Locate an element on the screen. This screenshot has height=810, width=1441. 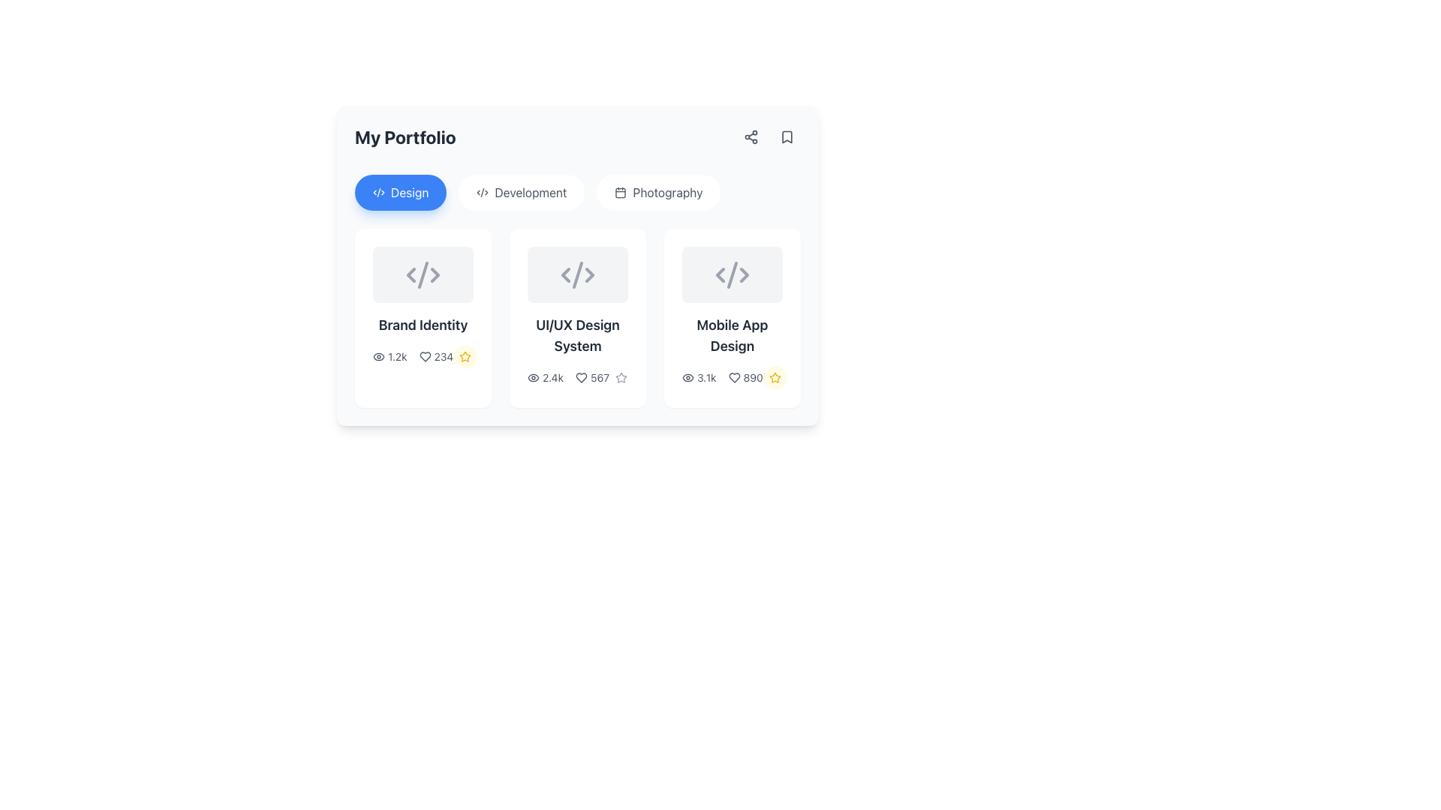
on the interactive button with an embedded yellow star icon located at the bottom right corner of the 'Mobile App Design' card is located at coordinates (775, 377).